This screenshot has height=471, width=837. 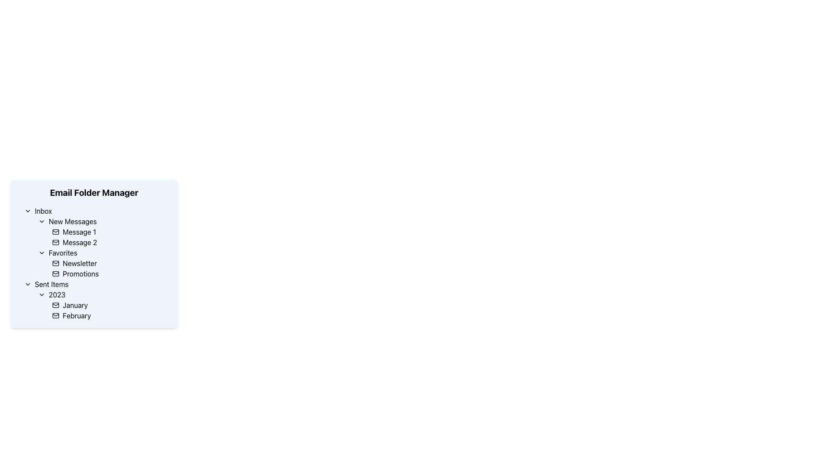 I want to click on the Navigational Text Label displaying 'January' located under the 'Sent Items > 2023' hierarchy, so click(x=75, y=304).